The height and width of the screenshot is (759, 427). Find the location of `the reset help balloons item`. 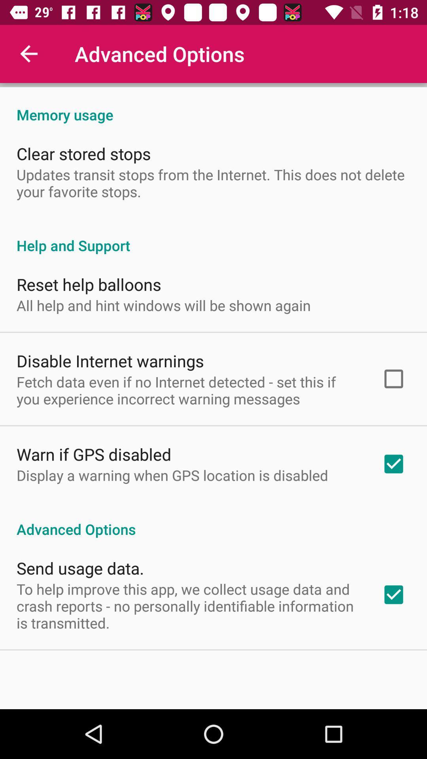

the reset help balloons item is located at coordinates (89, 284).